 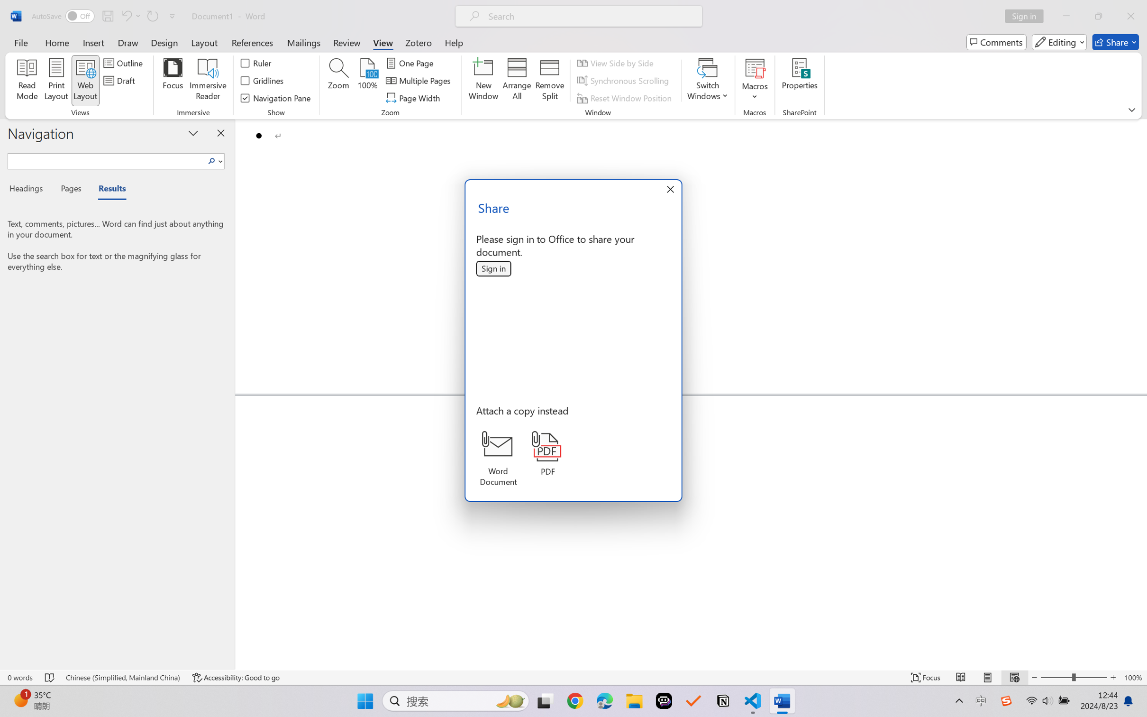 I want to click on 'Results', so click(x=107, y=190).